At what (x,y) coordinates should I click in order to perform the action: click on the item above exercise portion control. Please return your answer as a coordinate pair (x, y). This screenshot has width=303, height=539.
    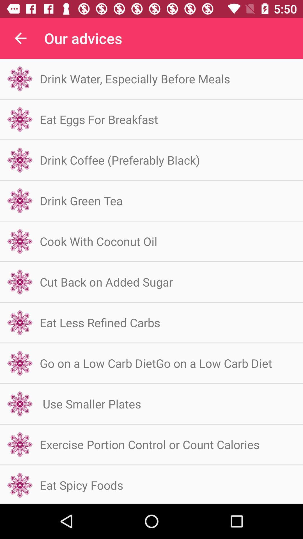
    Looking at the image, I should click on (90, 403).